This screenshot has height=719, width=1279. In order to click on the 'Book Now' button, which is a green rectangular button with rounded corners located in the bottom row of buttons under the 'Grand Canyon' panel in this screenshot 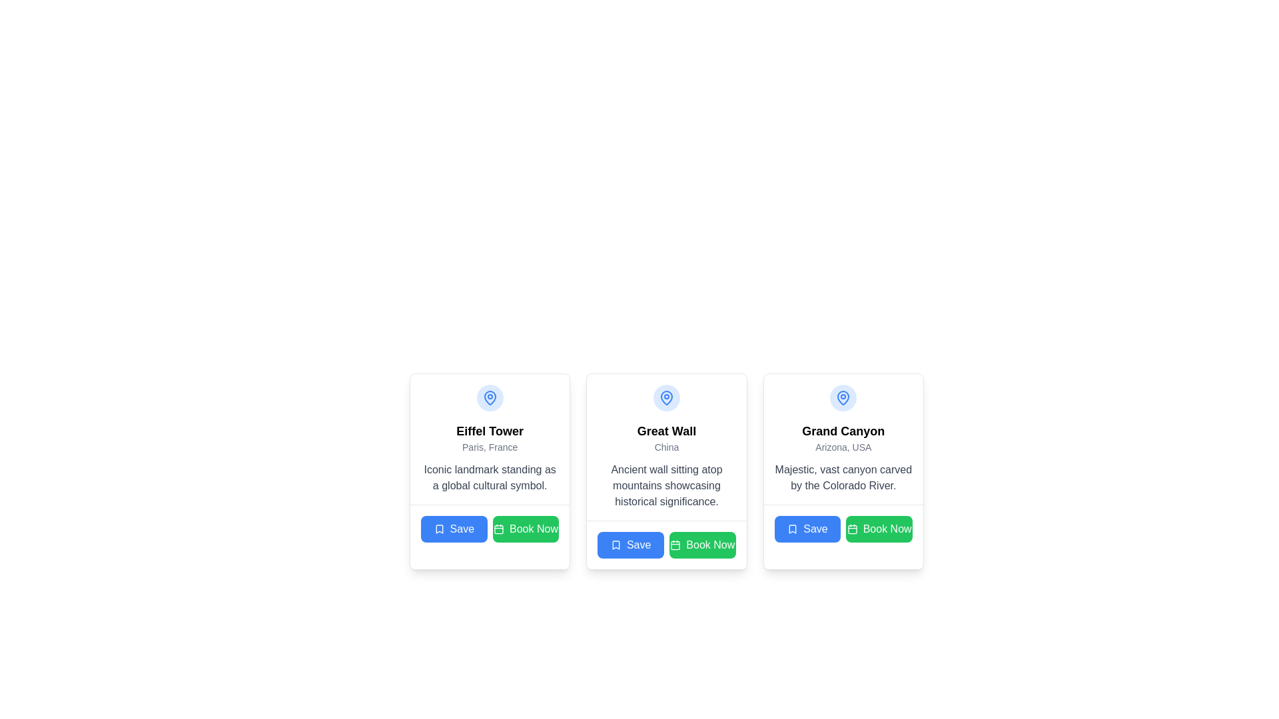, I will do `click(879, 528)`.